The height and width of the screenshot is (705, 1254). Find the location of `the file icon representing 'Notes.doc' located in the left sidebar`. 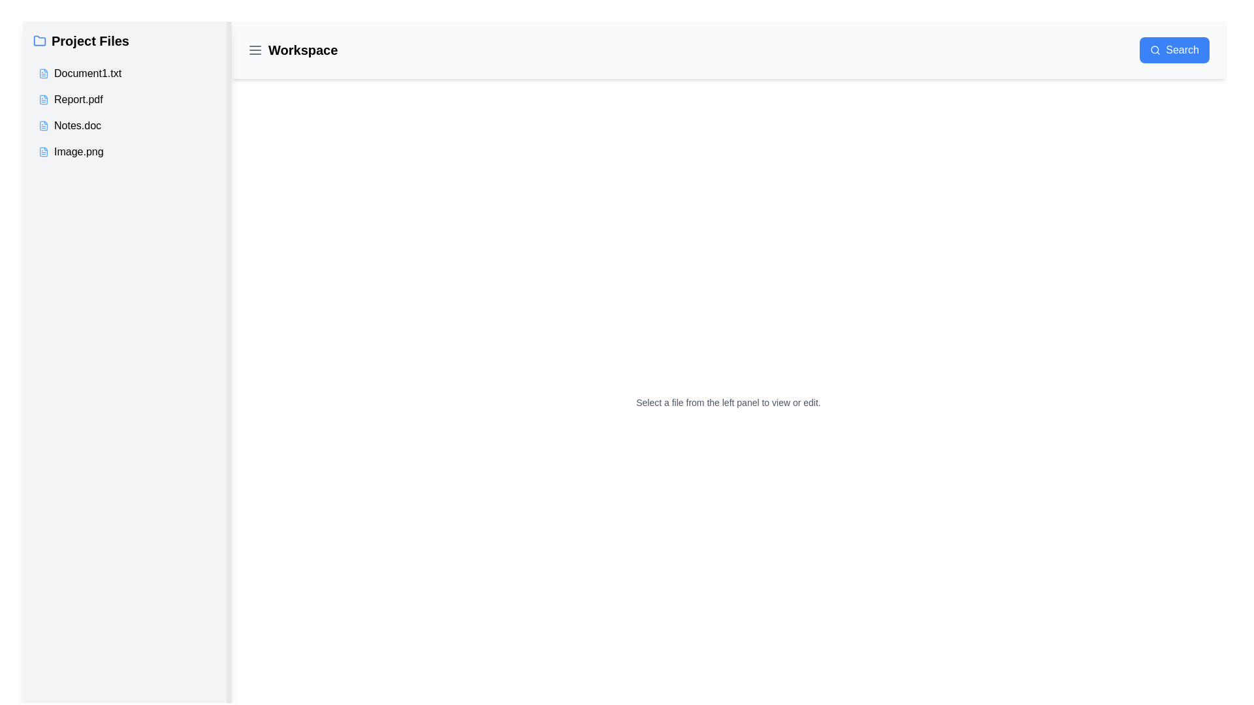

the file icon representing 'Notes.doc' located in the left sidebar is located at coordinates (44, 125).